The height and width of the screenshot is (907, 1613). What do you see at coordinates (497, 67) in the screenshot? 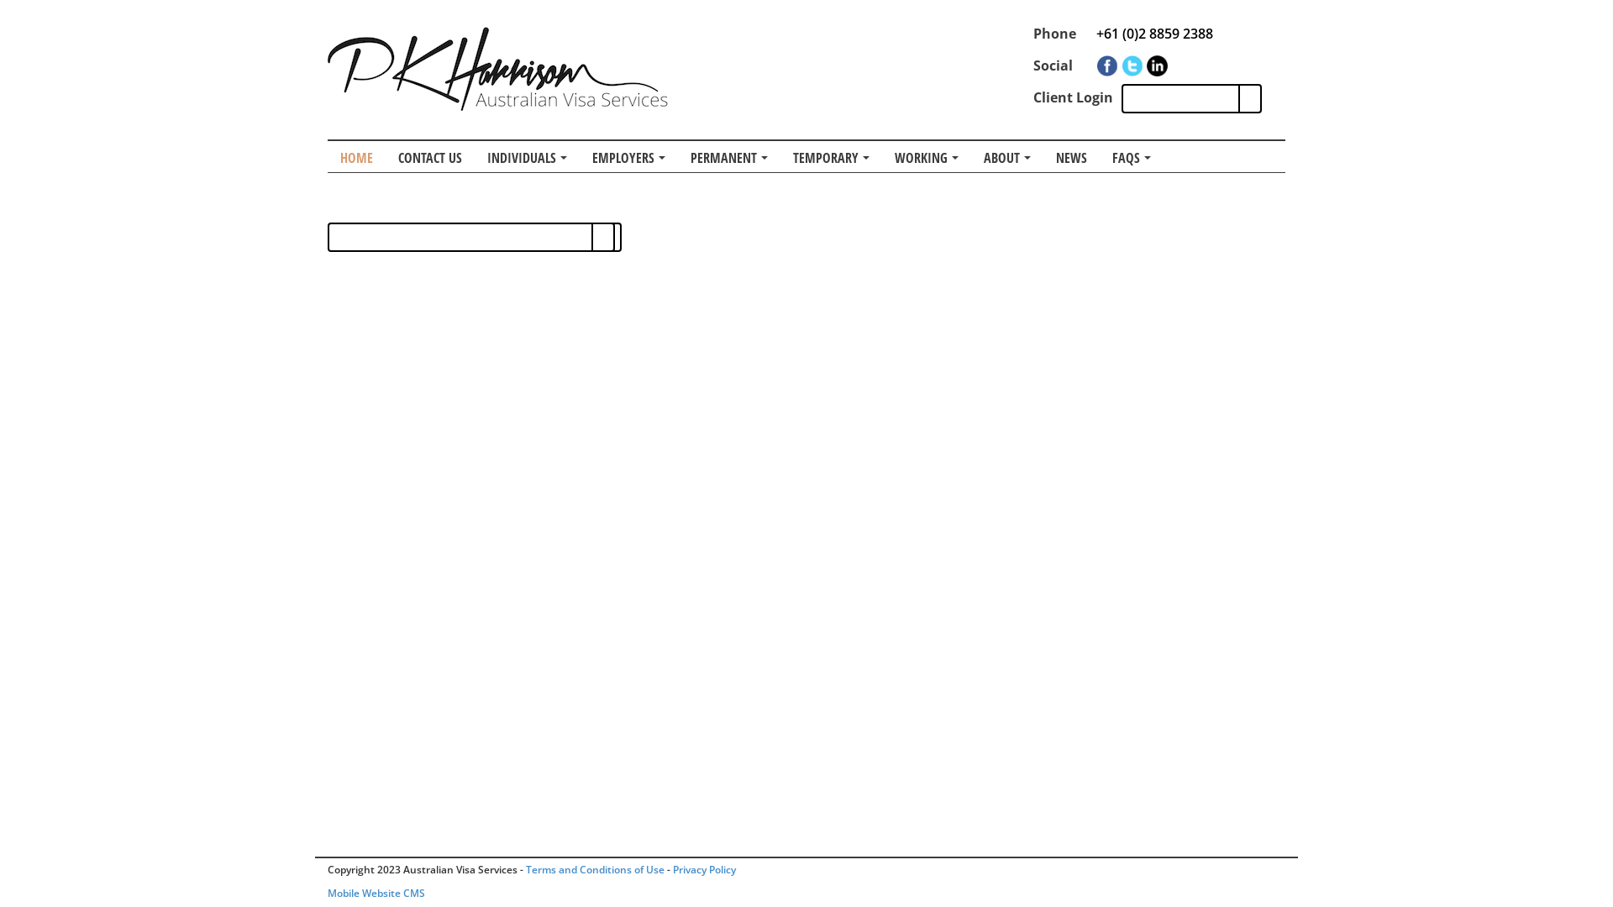
I see `'Australian Visa Services'` at bounding box center [497, 67].